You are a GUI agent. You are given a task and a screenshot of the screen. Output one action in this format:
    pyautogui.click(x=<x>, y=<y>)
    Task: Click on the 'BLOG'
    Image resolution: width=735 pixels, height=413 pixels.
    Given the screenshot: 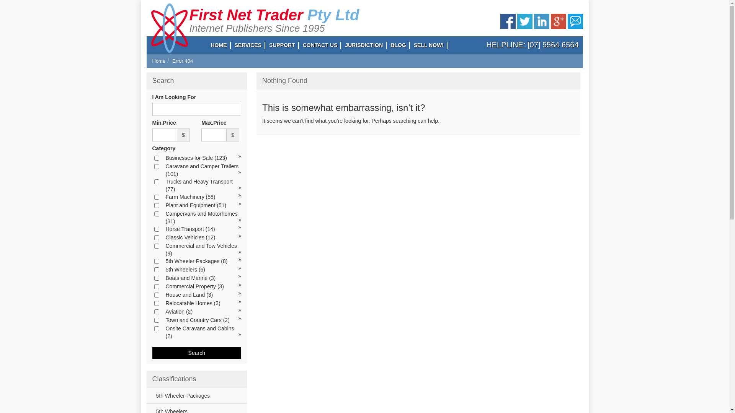 What is the action you would take?
    pyautogui.click(x=398, y=45)
    